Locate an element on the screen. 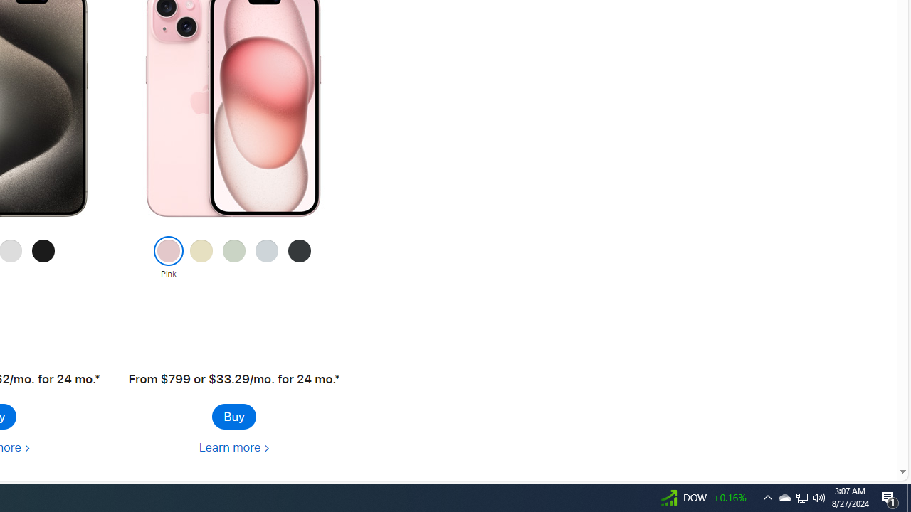 The image size is (911, 512). 'Yellow' is located at coordinates (200, 258).